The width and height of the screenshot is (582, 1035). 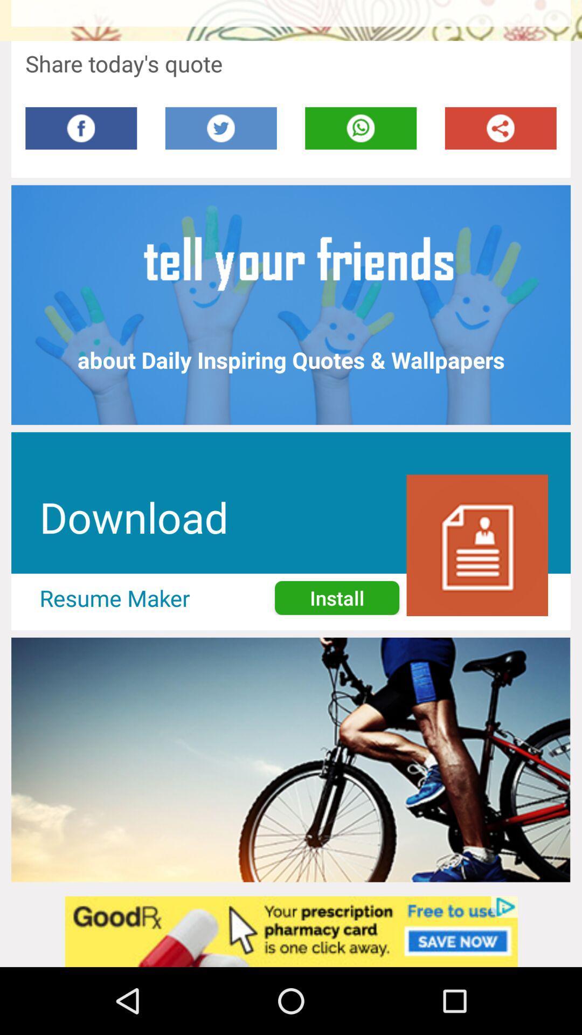 What do you see at coordinates (220, 128) in the screenshot?
I see `twitter` at bounding box center [220, 128].